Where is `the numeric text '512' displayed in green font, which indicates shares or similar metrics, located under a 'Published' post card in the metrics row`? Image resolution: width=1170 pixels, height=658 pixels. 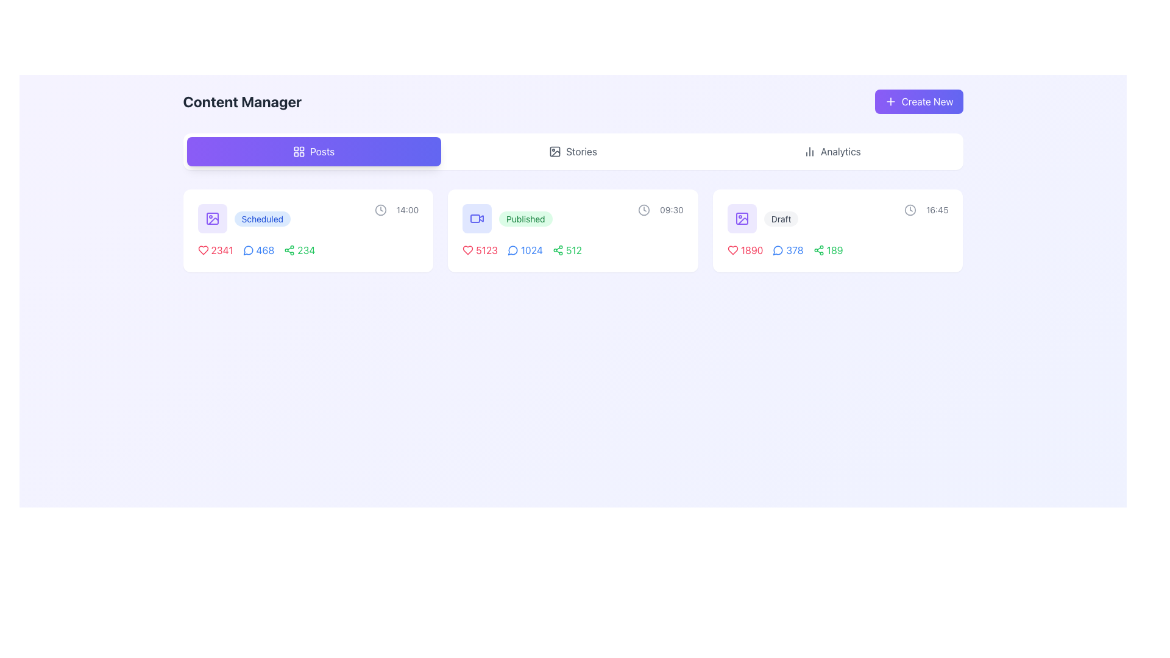 the numeric text '512' displayed in green font, which indicates shares or similar metrics, located under a 'Published' post card in the metrics row is located at coordinates (573, 250).